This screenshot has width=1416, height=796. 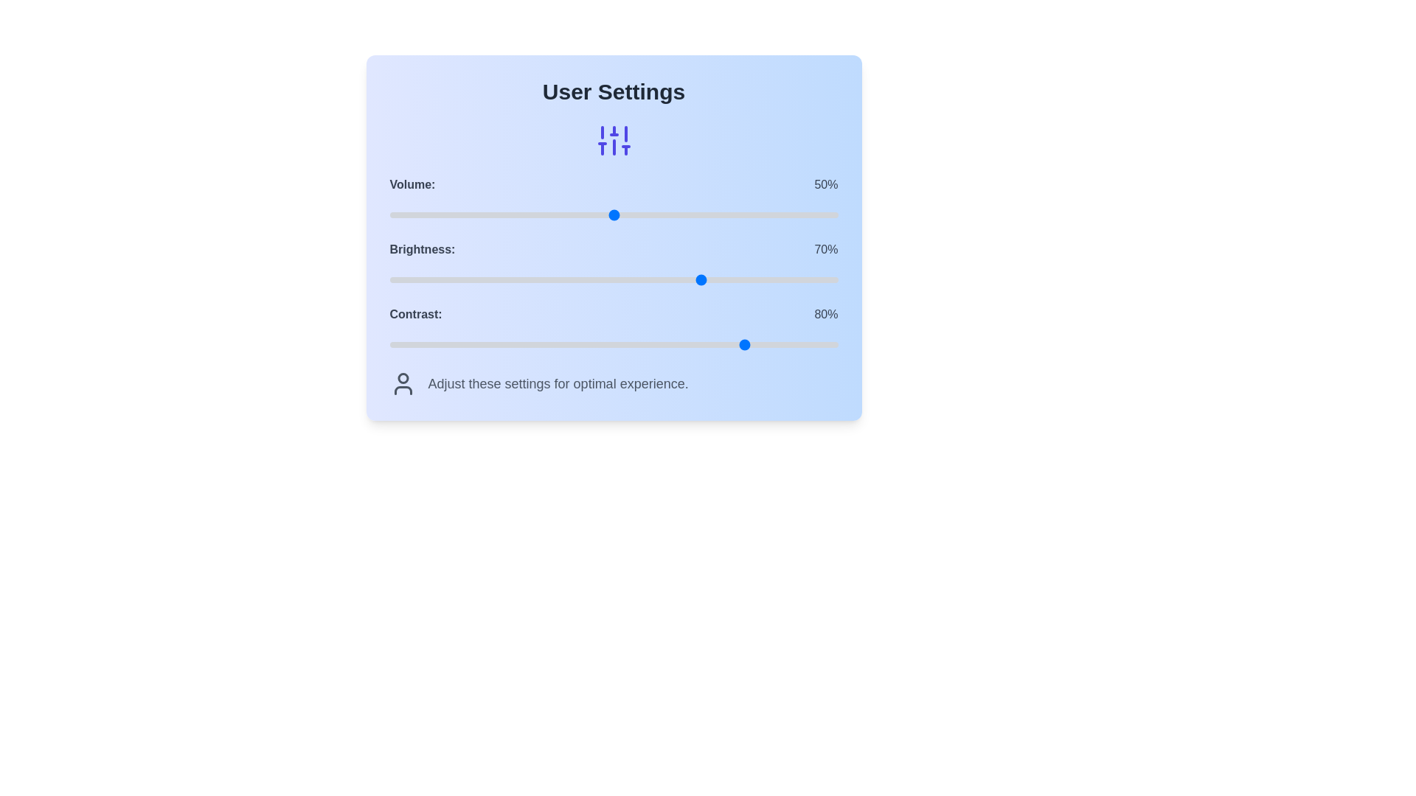 I want to click on brightness, so click(x=488, y=280).